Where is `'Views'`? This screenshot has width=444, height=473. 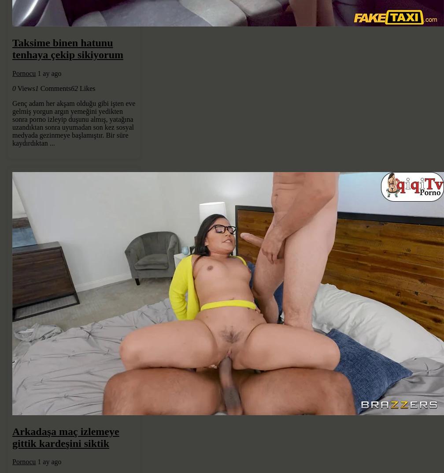
'Views' is located at coordinates (26, 87).